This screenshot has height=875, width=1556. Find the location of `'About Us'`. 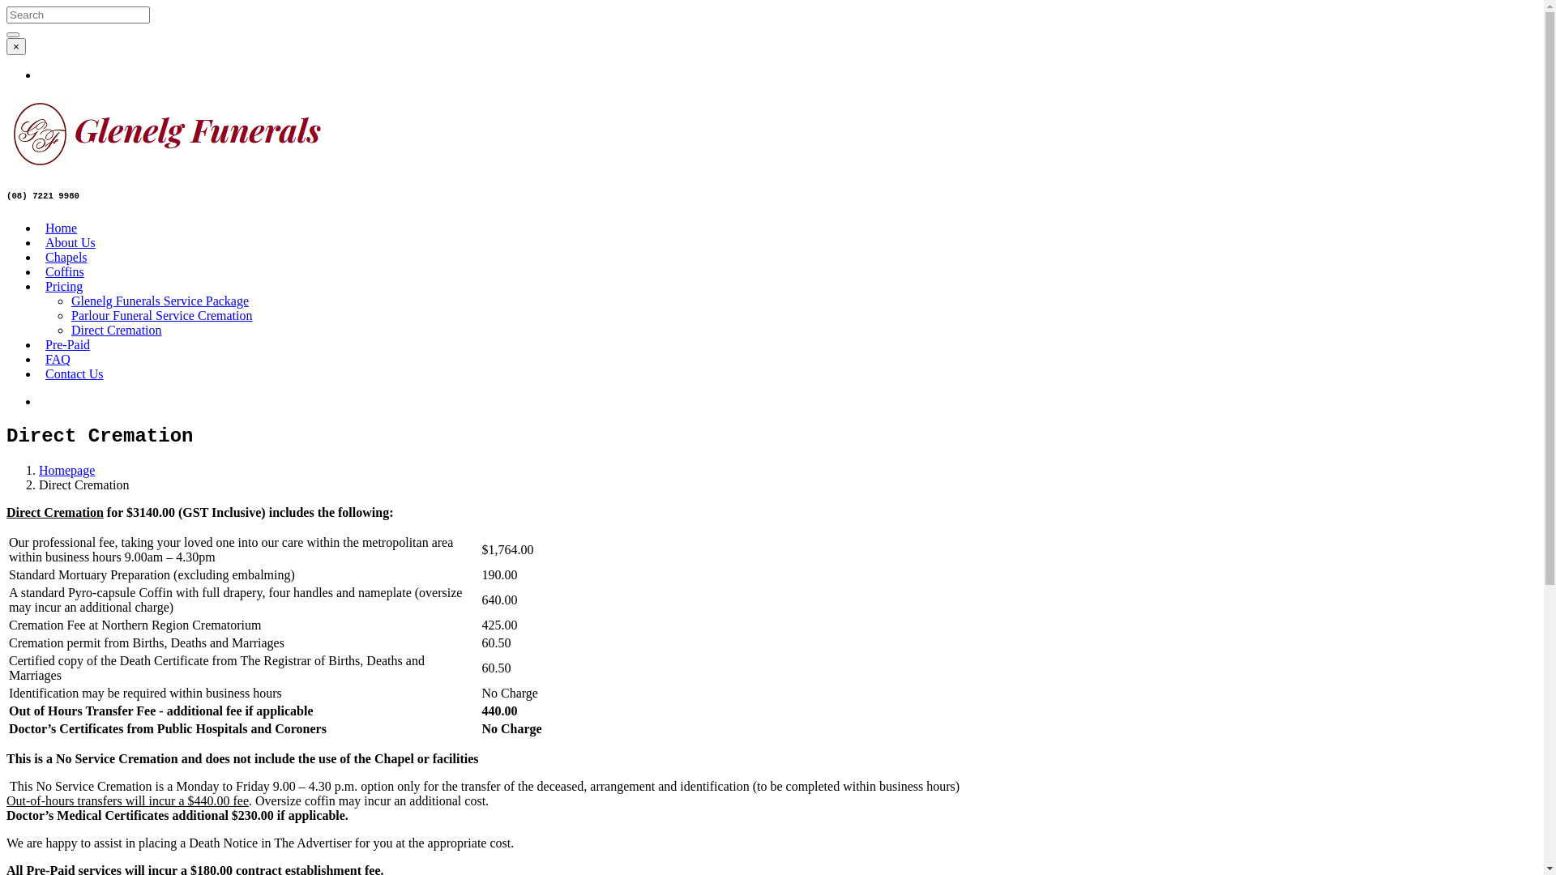

'About Us' is located at coordinates (69, 242).